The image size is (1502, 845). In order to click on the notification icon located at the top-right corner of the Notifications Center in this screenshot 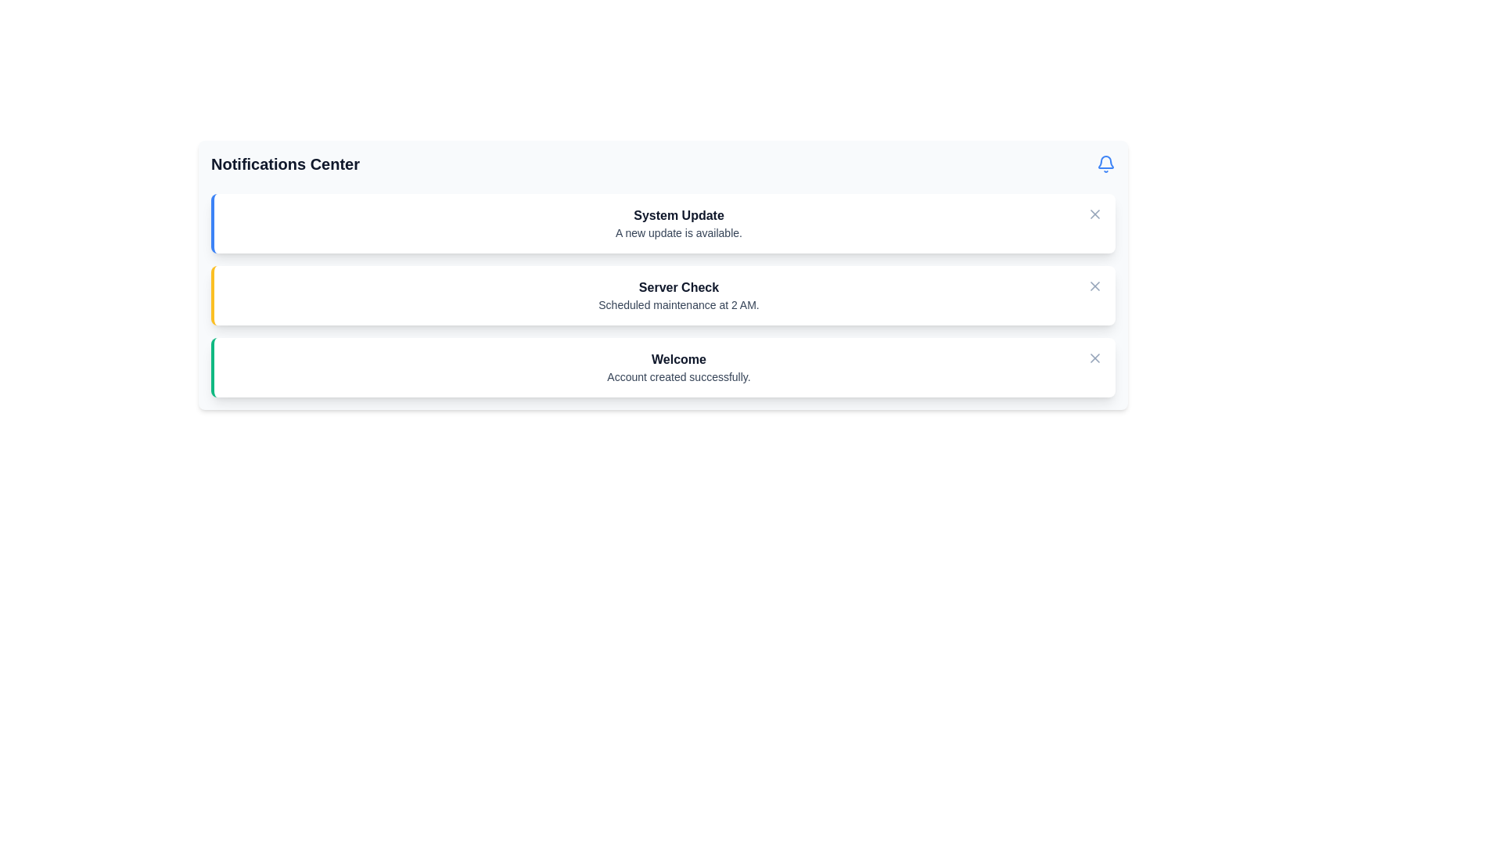, I will do `click(1105, 164)`.